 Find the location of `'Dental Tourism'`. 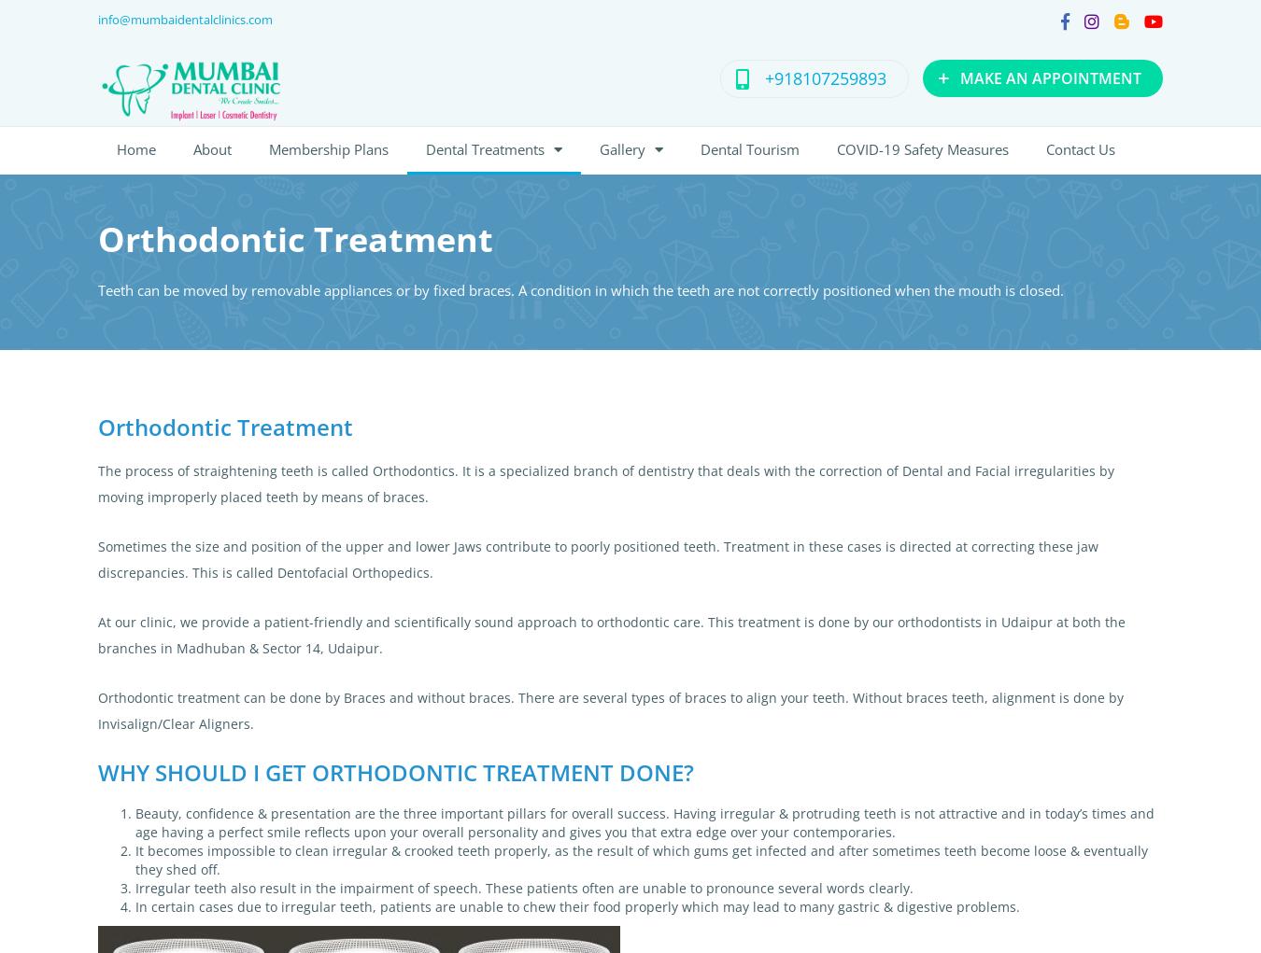

'Dental Tourism' is located at coordinates (700, 147).